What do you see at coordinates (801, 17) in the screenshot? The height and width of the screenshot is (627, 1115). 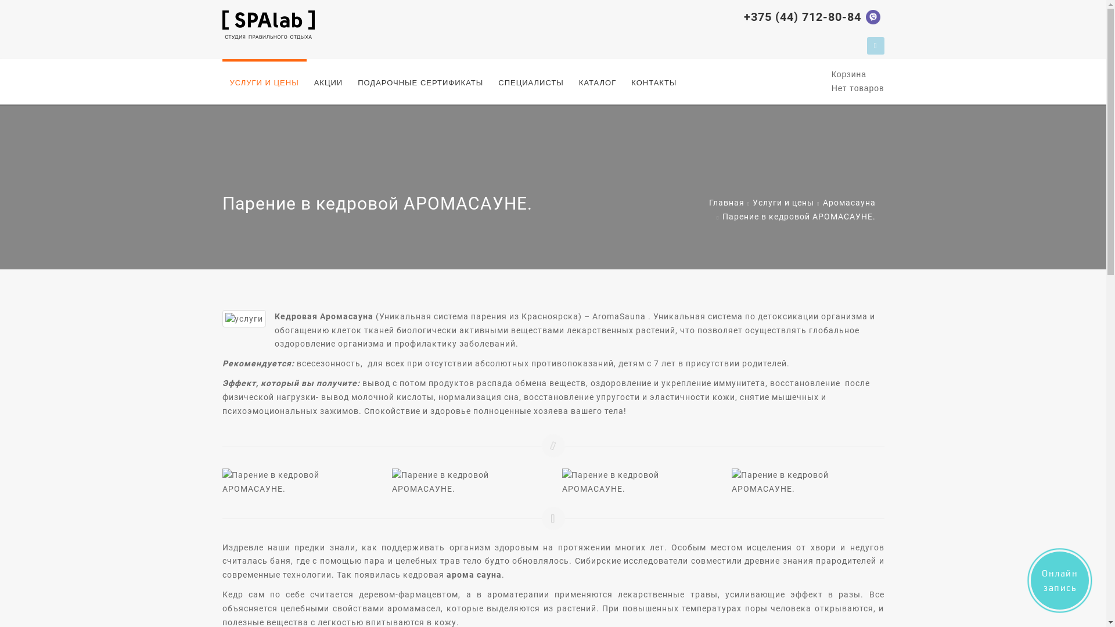 I see `'+375 (44) 712-80-84'` at bounding box center [801, 17].